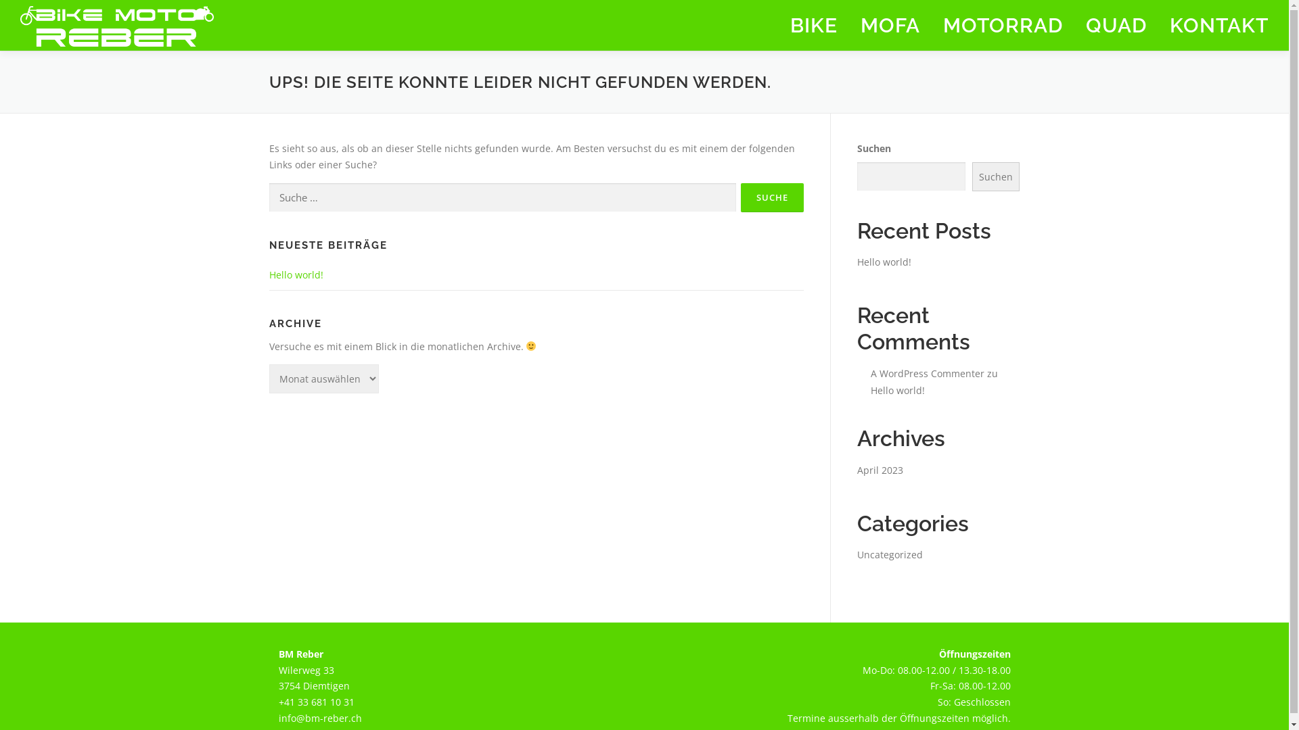 Image resolution: width=1299 pixels, height=730 pixels. I want to click on 'Suchen', so click(996, 176).